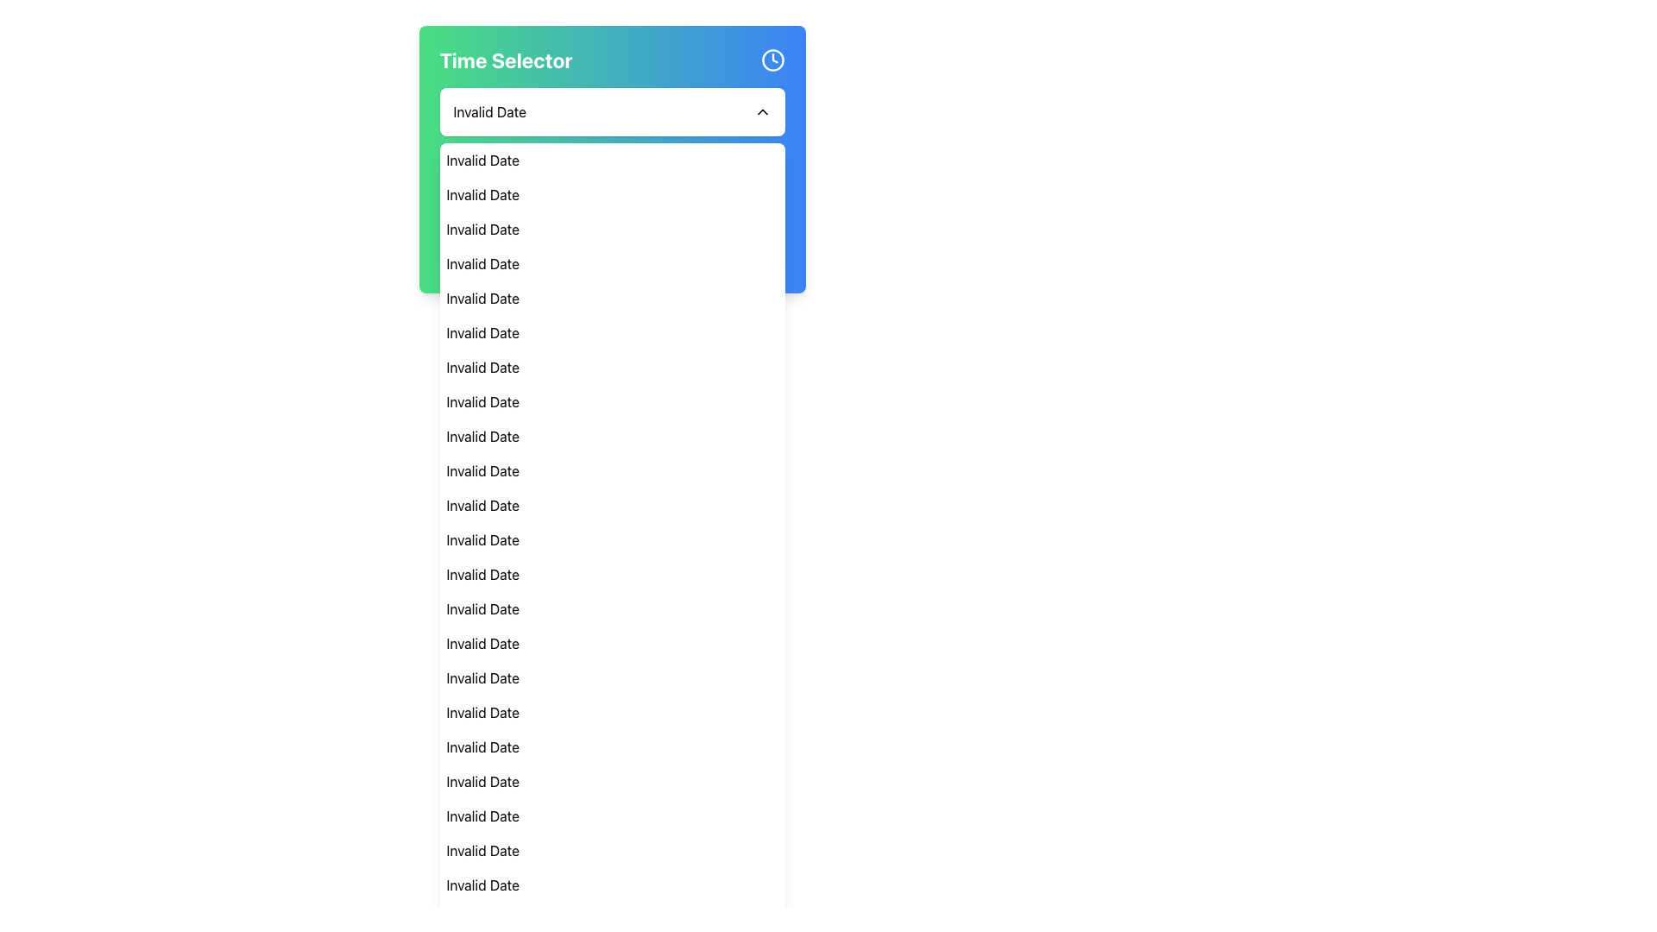  Describe the element at coordinates (612, 298) in the screenshot. I see `the list item displaying 'Invalid Date' to enable keyboard interaction` at that location.